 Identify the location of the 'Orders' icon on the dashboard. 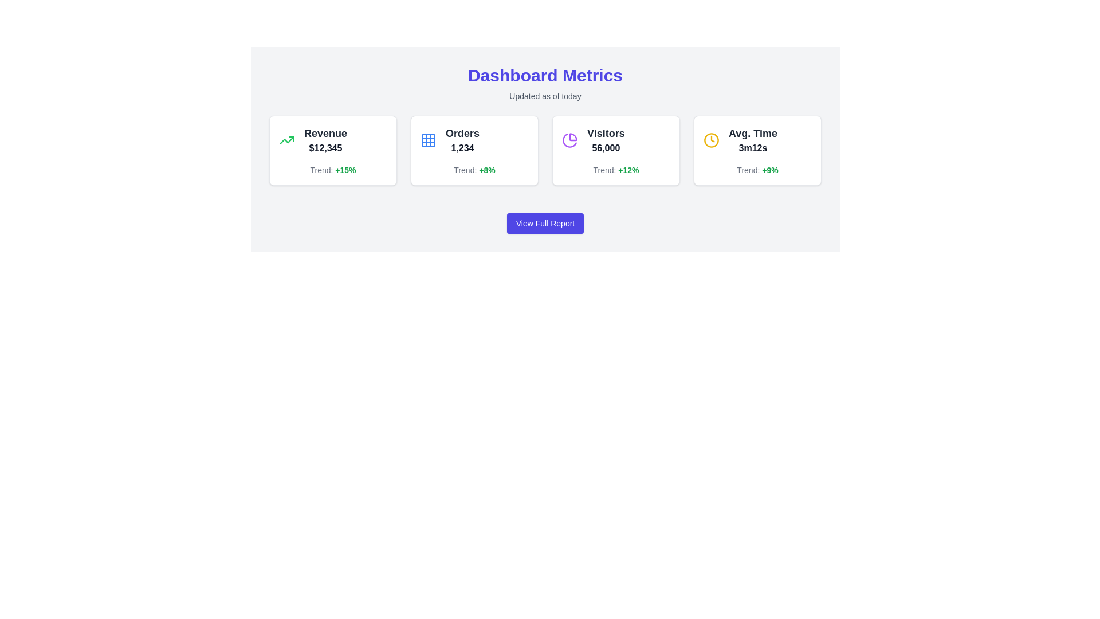
(428, 140).